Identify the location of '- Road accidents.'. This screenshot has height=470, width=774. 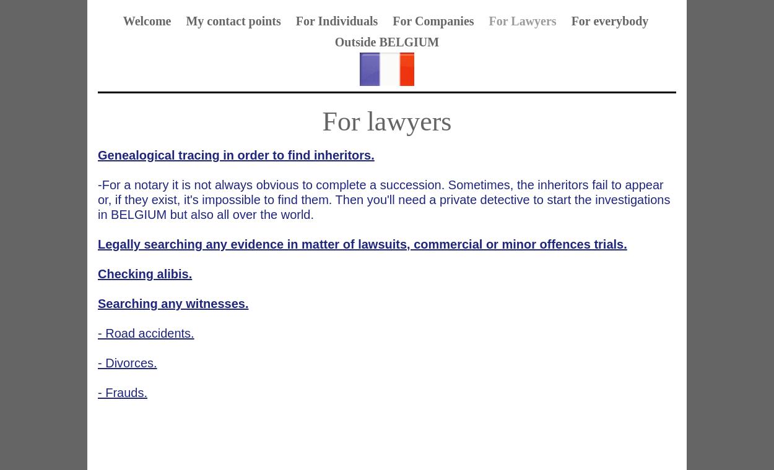
(145, 333).